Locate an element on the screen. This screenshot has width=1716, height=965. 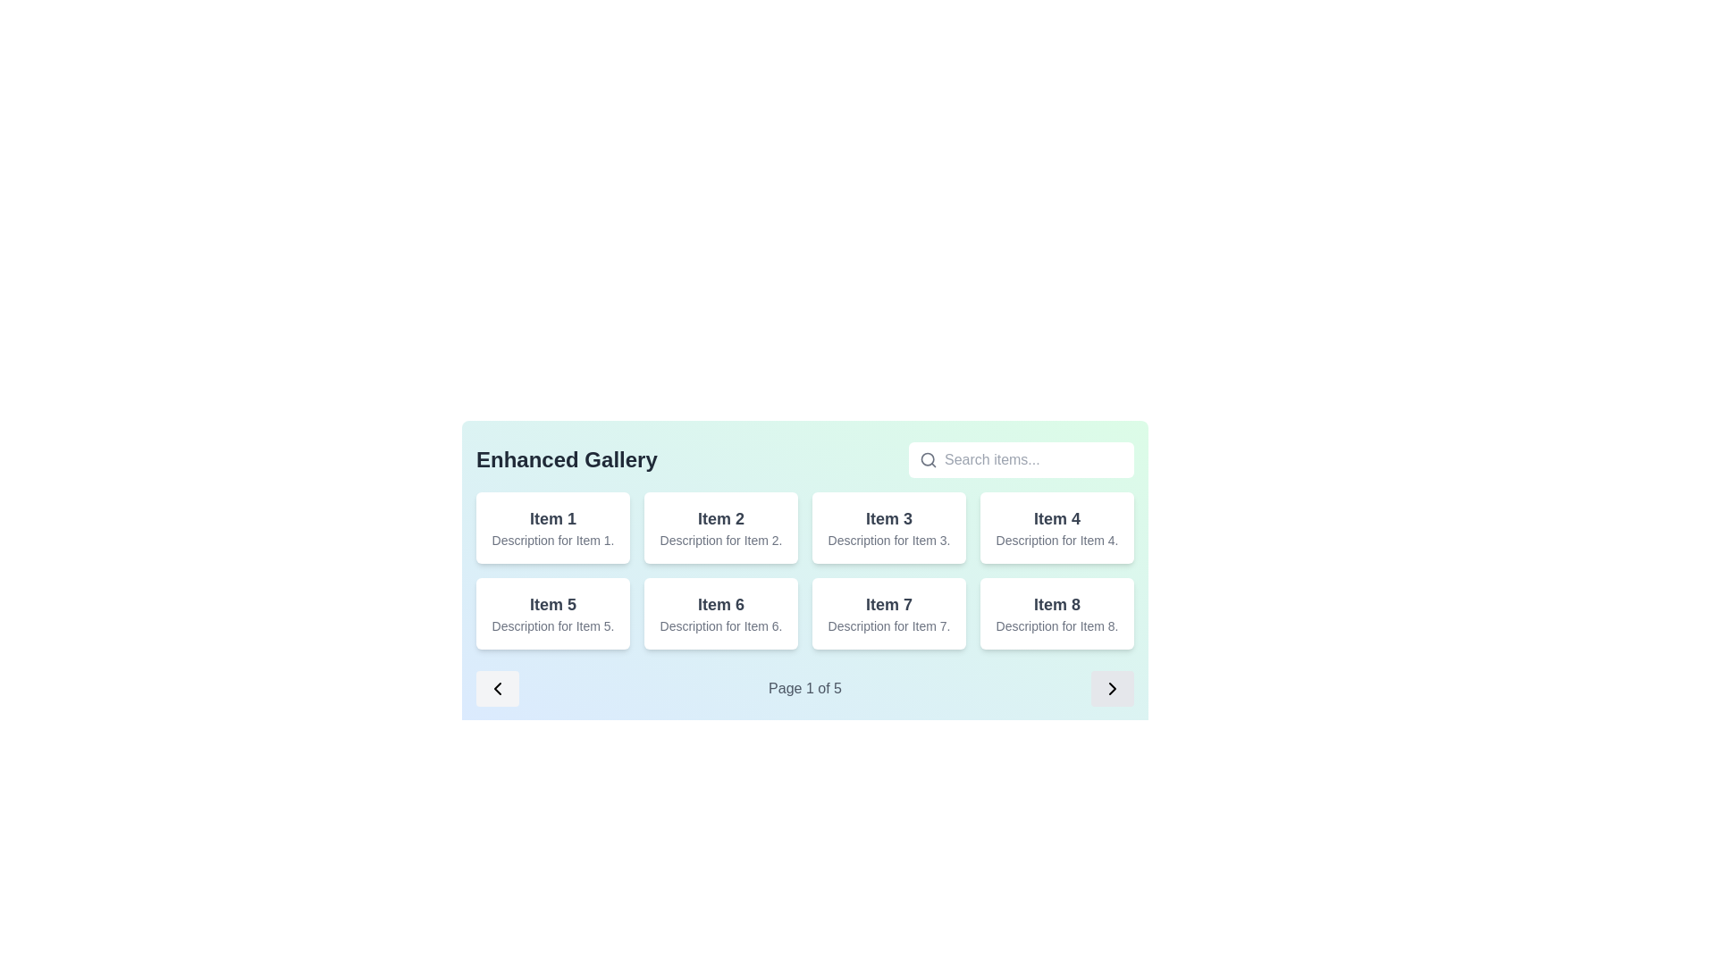
the text label displaying 'Description for Item 4.' located below the 'Item 4' title within the card structure is located at coordinates (1056, 540).